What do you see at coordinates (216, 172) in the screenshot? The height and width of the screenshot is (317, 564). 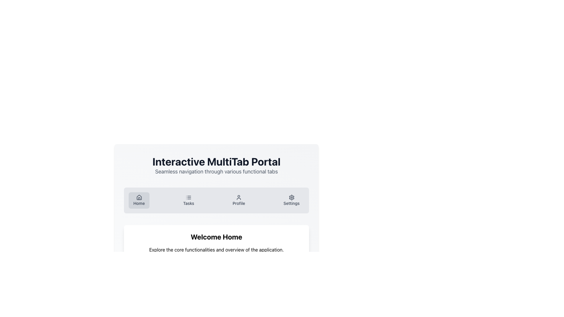 I see `the text label displaying 'Seamless navigation through various functional tabs.' which is centrally aligned beneath the 'Interactive MultiTab Portal' heading` at bounding box center [216, 172].